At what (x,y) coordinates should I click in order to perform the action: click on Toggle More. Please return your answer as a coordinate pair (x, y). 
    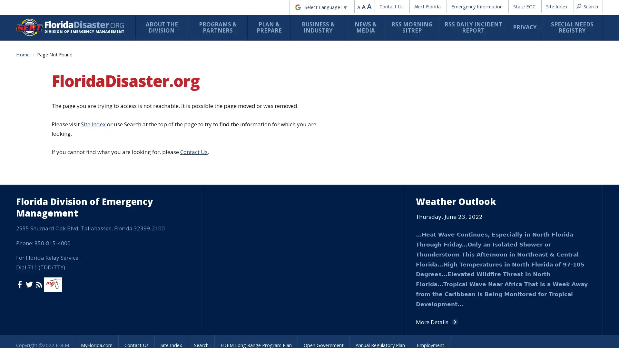
    Looking at the image, I should click on (258, 217).